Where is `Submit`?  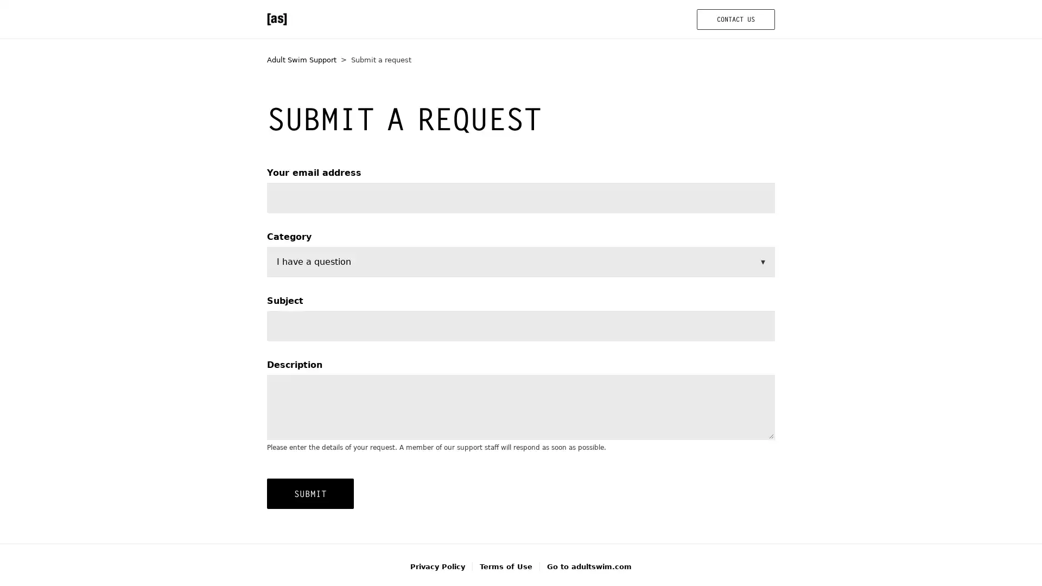 Submit is located at coordinates (309, 493).